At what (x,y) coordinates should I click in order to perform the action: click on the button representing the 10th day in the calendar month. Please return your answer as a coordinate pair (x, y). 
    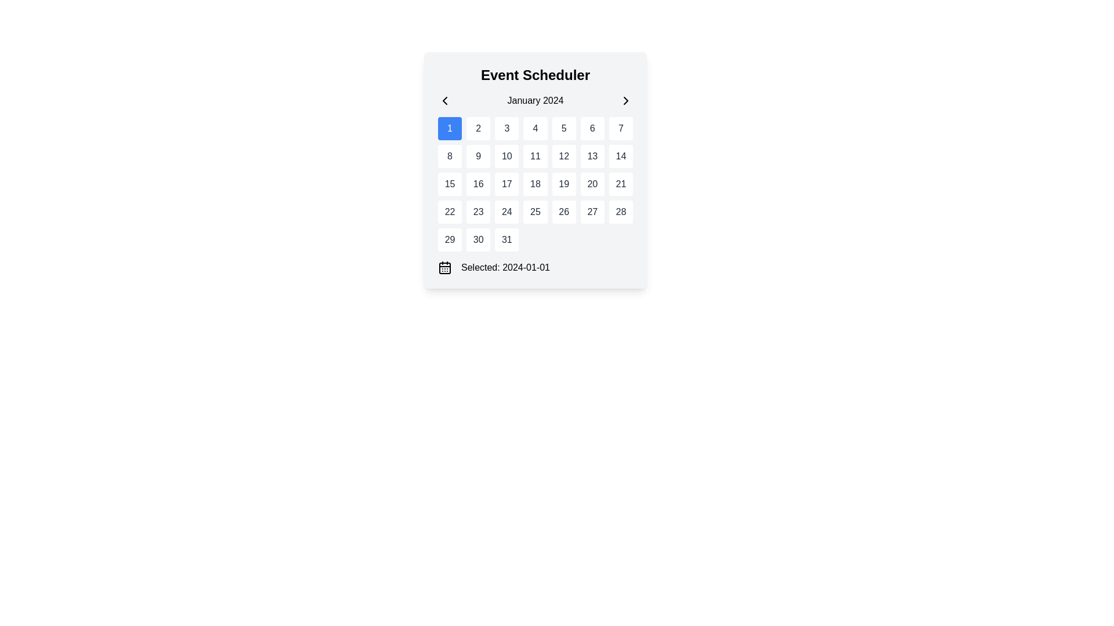
    Looking at the image, I should click on (507, 156).